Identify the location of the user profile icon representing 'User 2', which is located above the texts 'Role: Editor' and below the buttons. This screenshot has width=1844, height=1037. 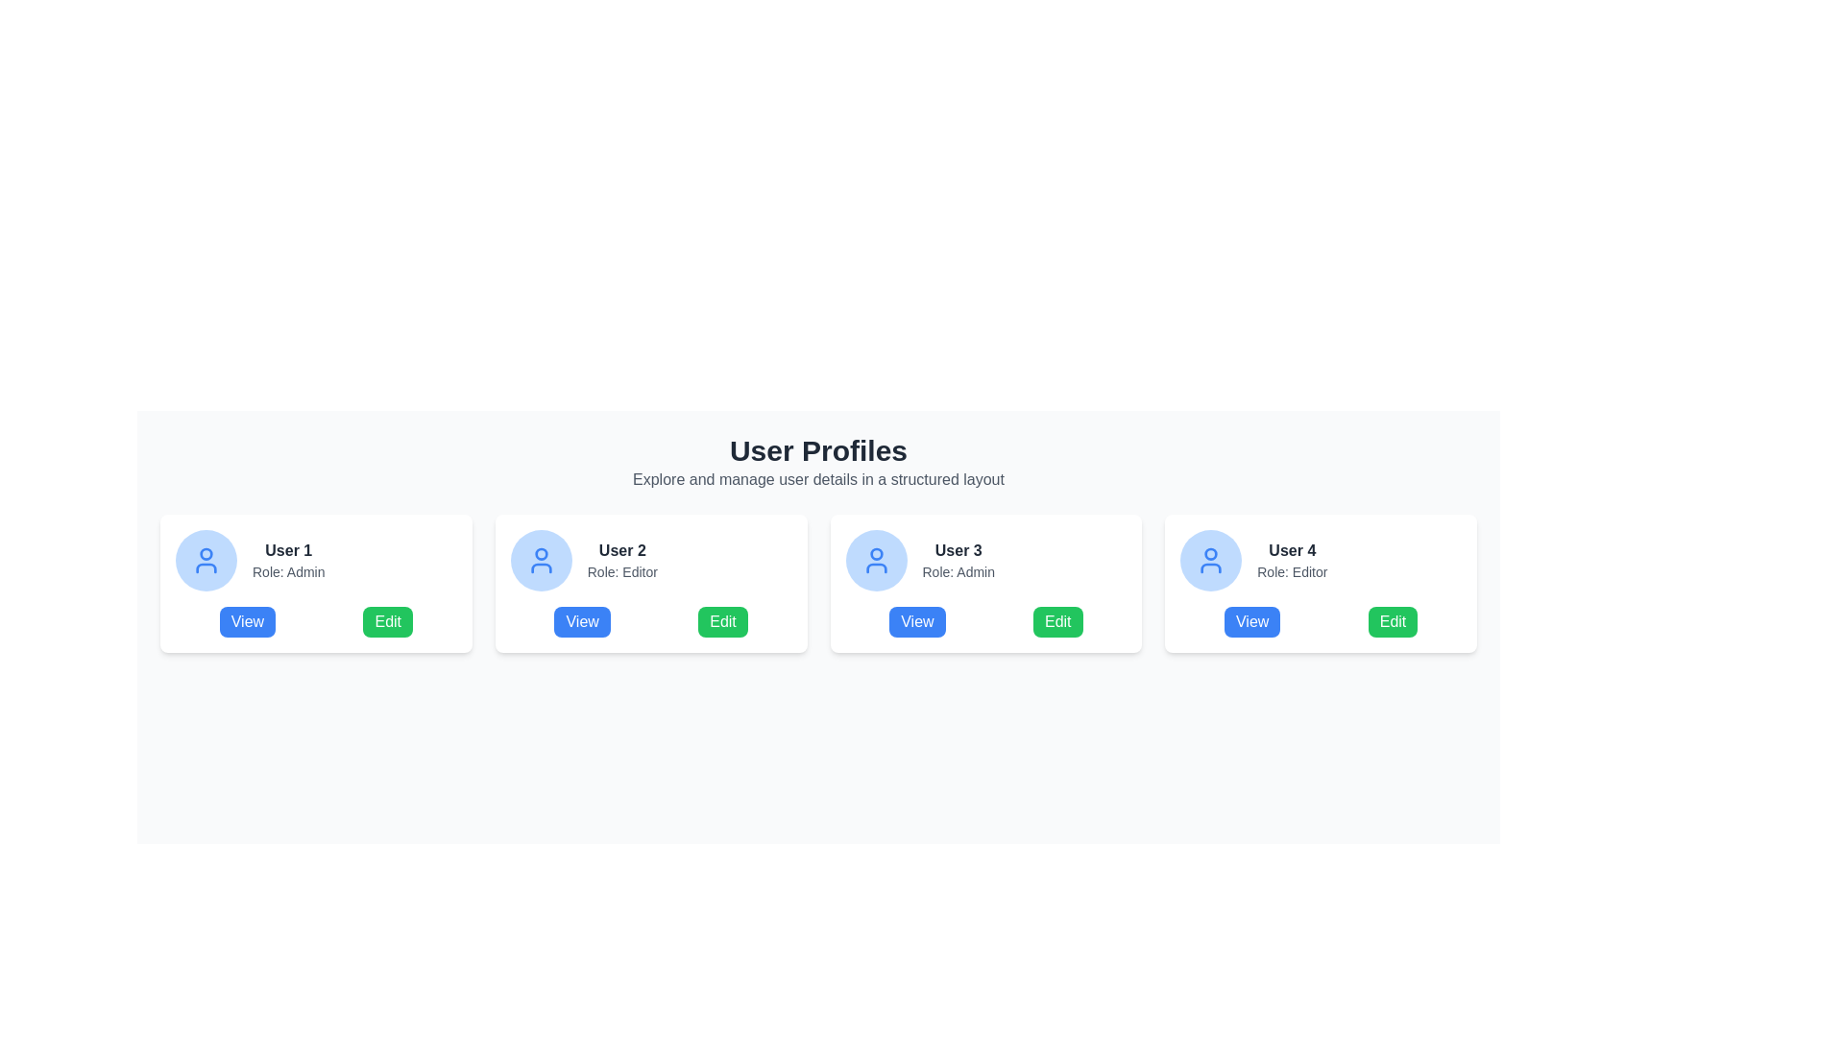
(540, 560).